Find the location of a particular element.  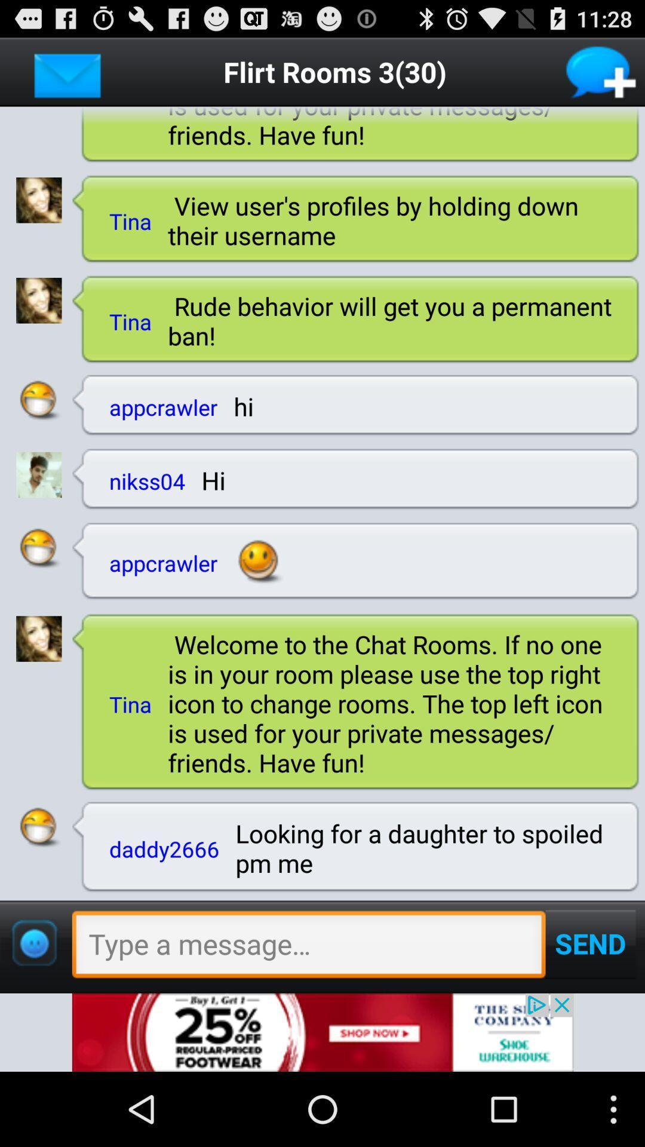

chatting symbol is located at coordinates (38, 548).